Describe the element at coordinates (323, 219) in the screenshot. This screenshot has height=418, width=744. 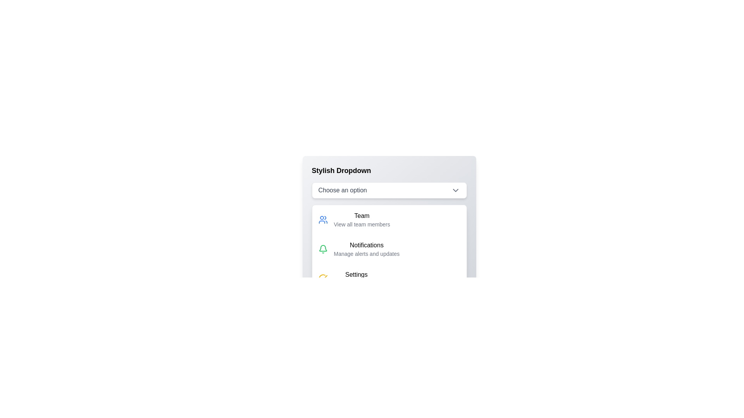
I see `the 'users' icon, which is styled with a blue color and a rounded outline, located to the left of the text content 'Team' in the first list item of the dropdown menu` at that location.